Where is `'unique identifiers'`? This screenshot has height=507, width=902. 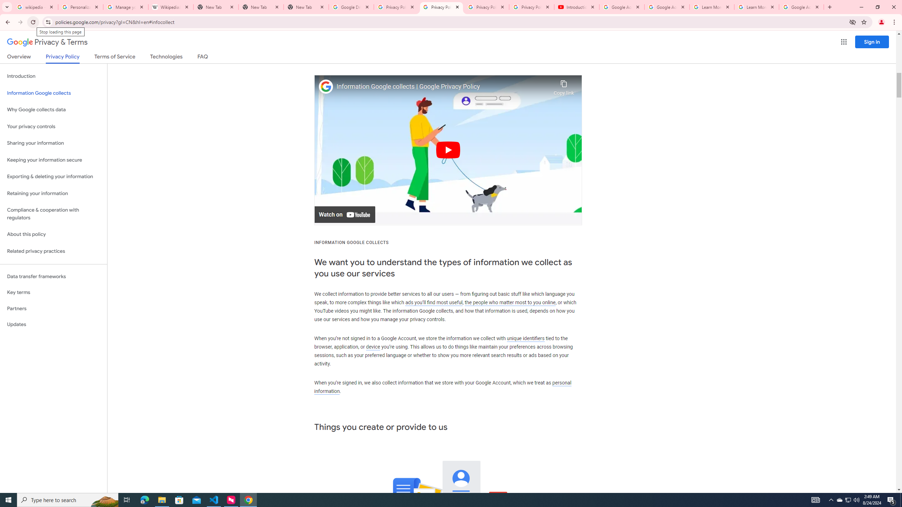
'unique identifiers' is located at coordinates (525, 338).